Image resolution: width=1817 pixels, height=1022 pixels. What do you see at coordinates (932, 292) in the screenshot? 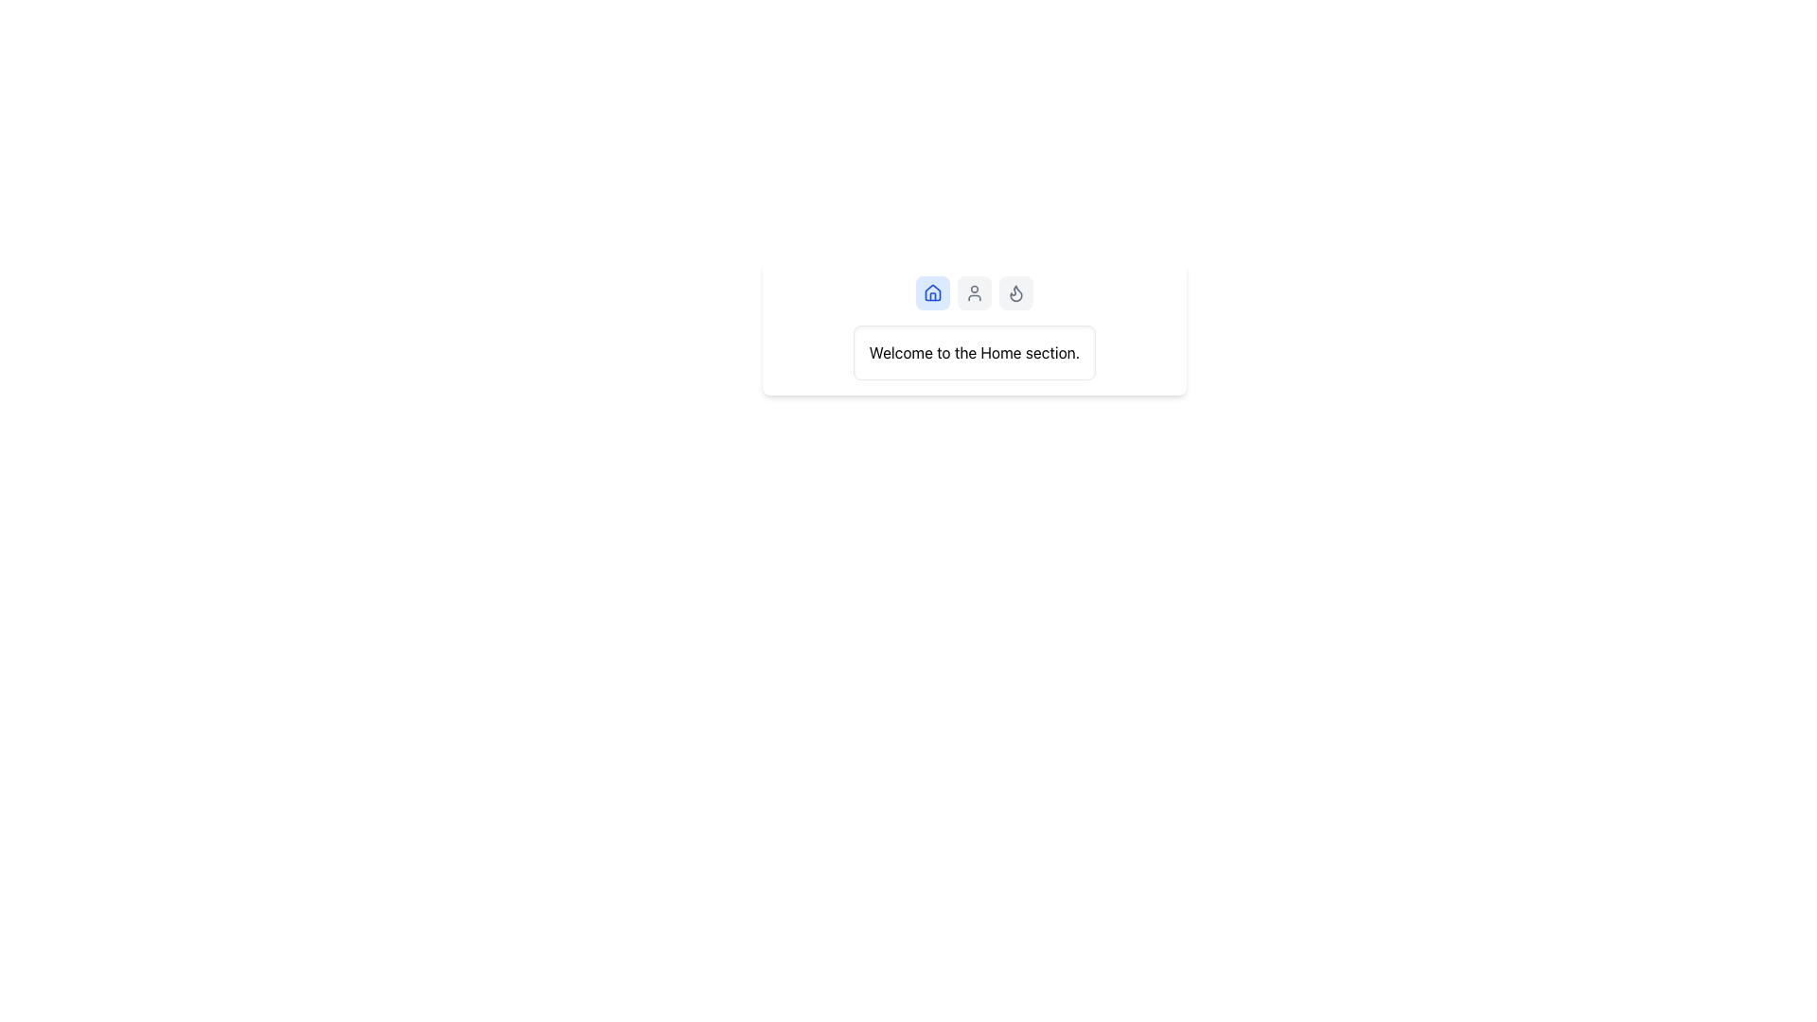
I see `the 'Home' icon located at the top-center of the card` at bounding box center [932, 292].